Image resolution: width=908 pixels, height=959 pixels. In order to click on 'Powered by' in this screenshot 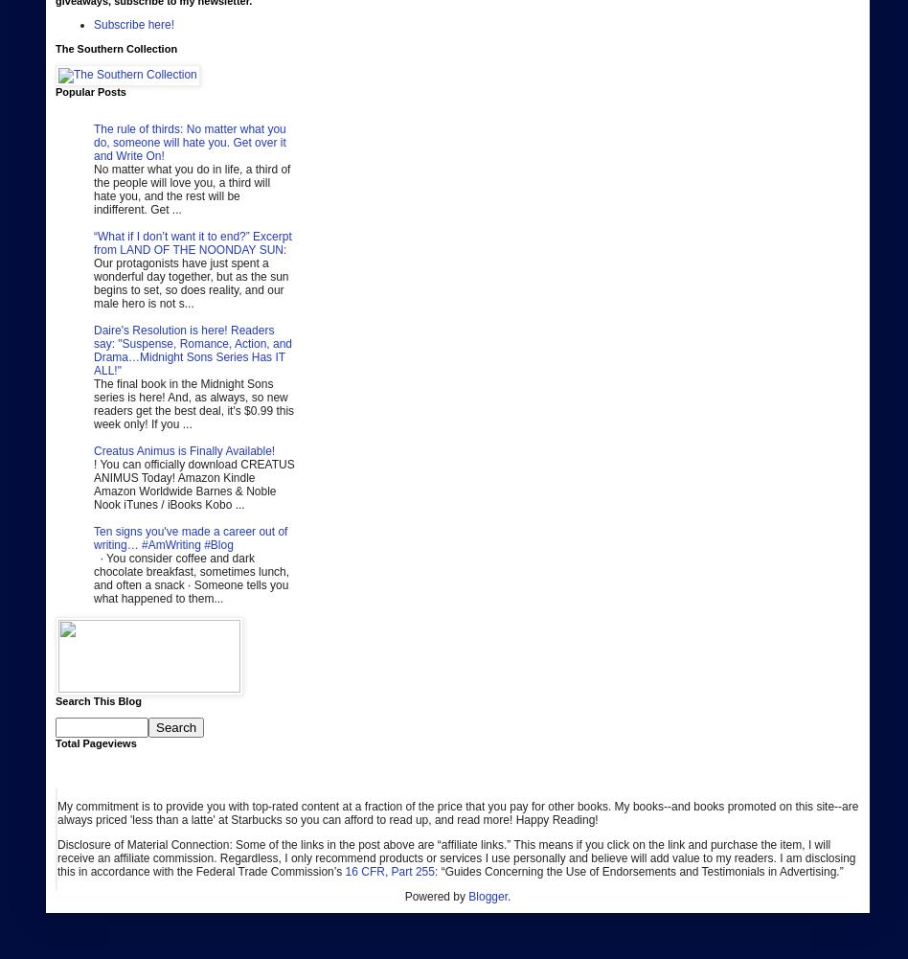, I will do `click(435, 896)`.